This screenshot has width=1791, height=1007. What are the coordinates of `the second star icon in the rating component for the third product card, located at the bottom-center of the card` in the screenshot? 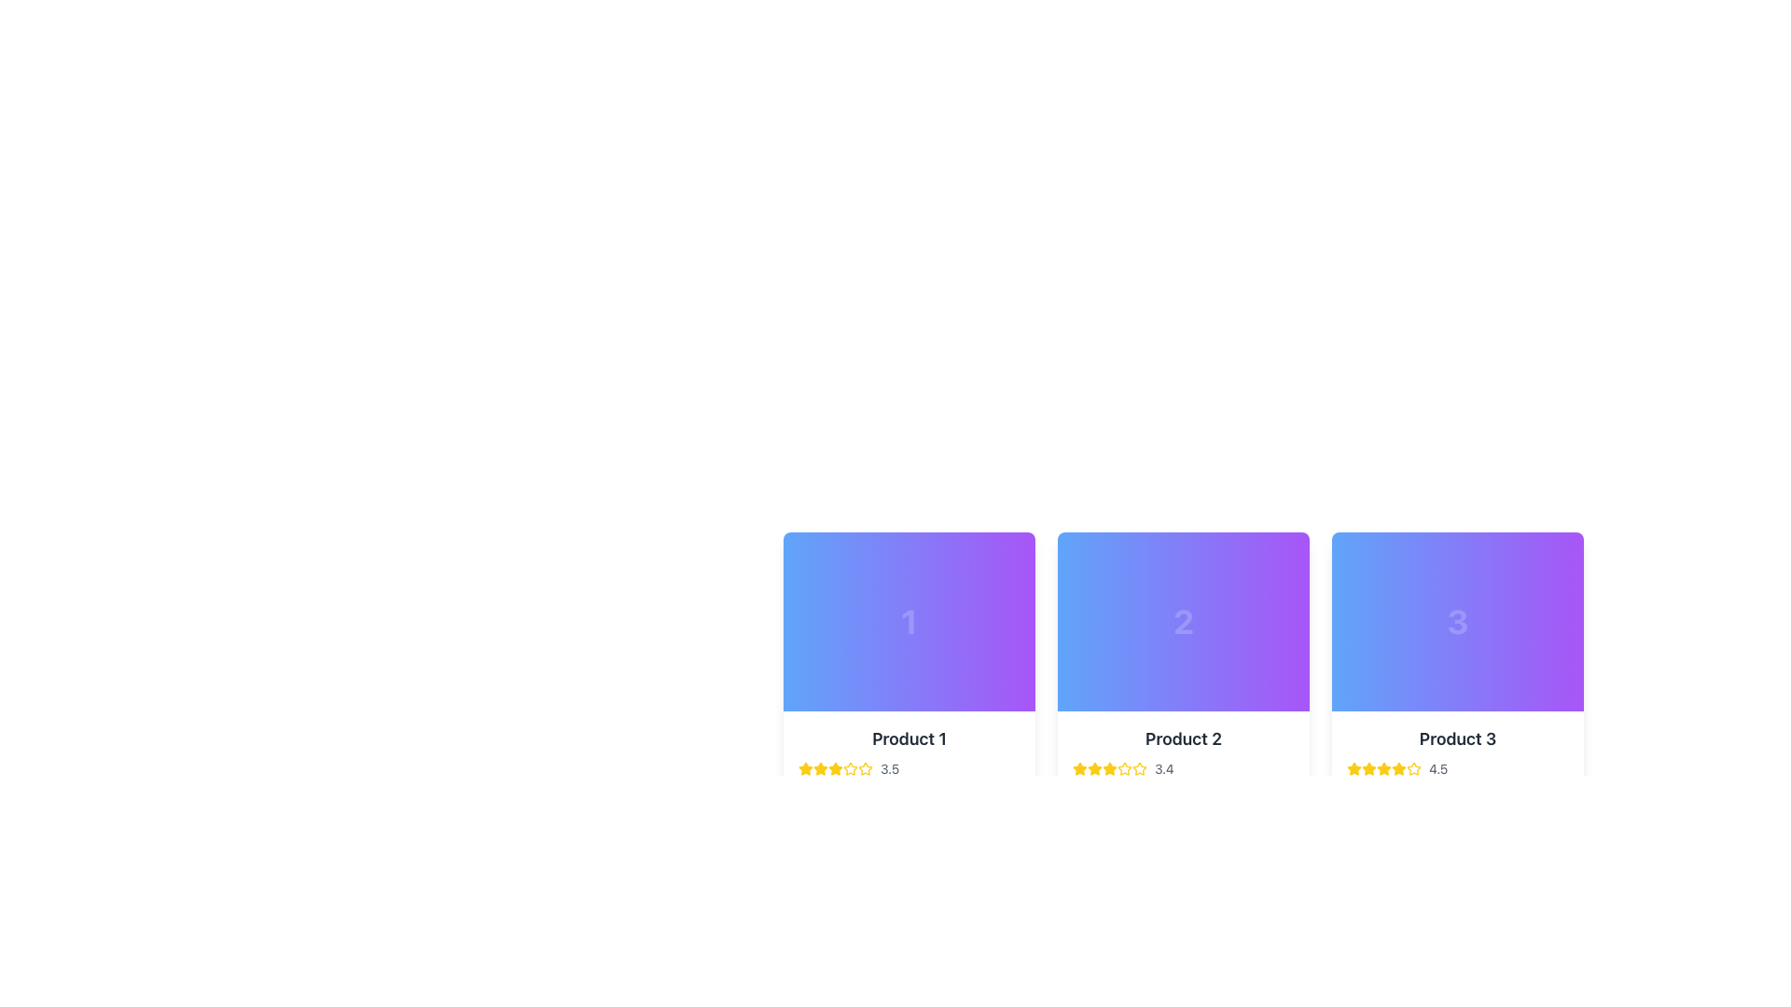 It's located at (1369, 768).